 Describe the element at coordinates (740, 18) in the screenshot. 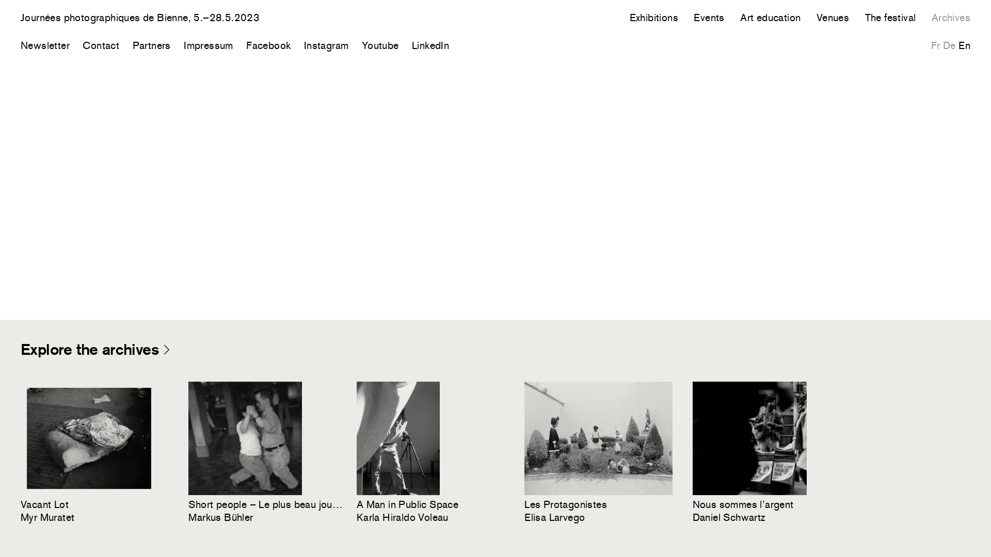

I see `'Art education'` at that location.